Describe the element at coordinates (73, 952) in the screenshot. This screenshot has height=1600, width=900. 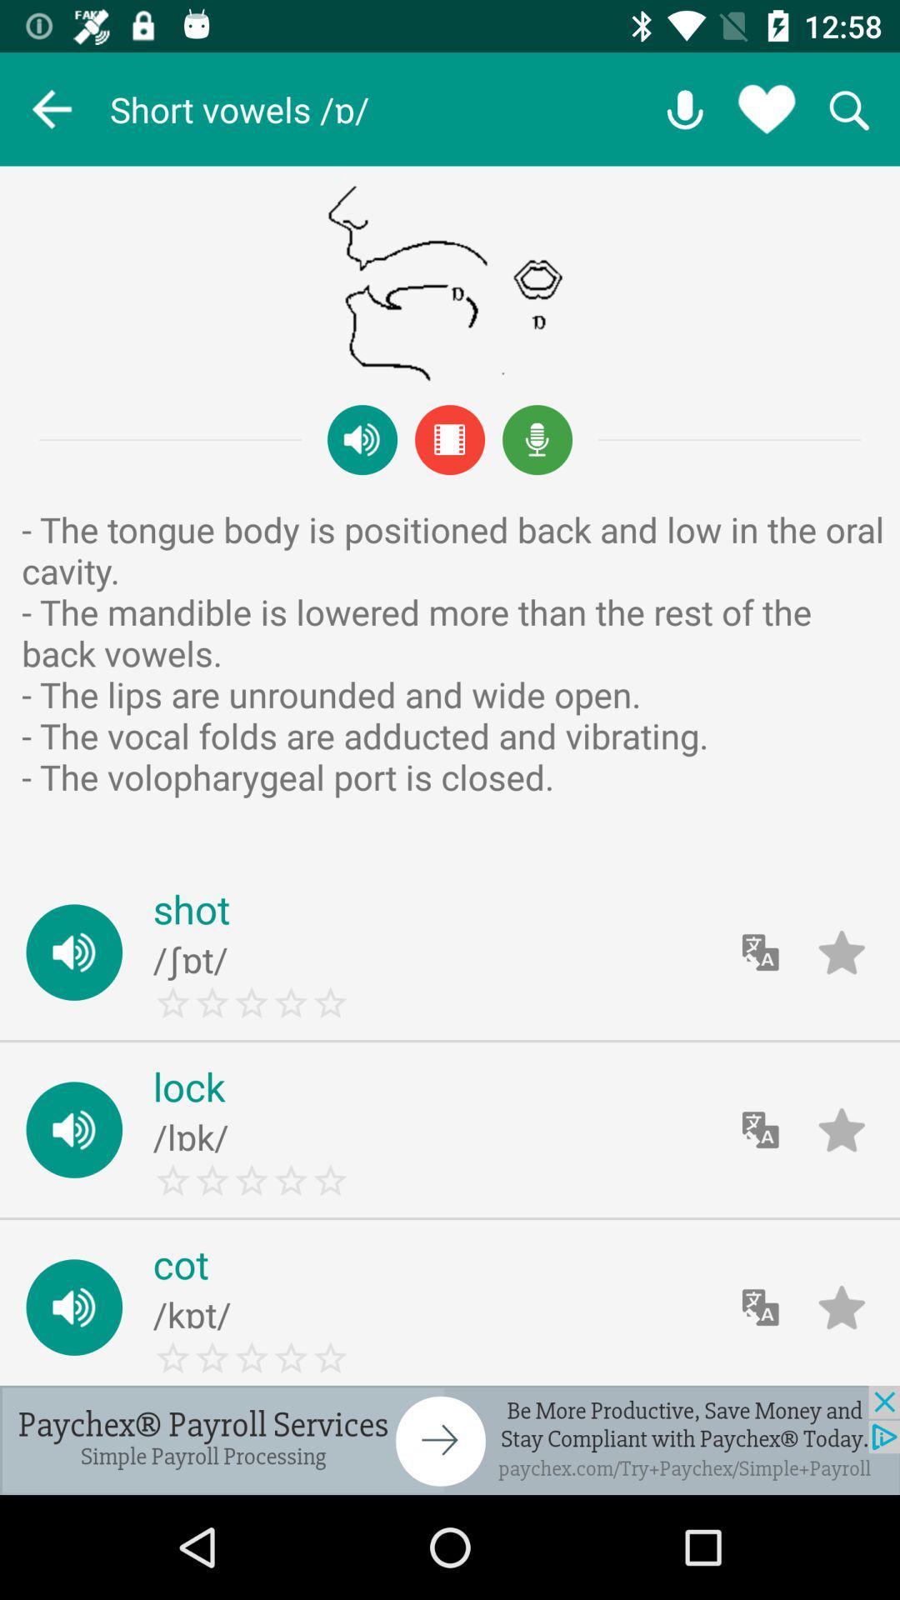
I see `the sound icon beside shot to listen the pronunciation` at that location.